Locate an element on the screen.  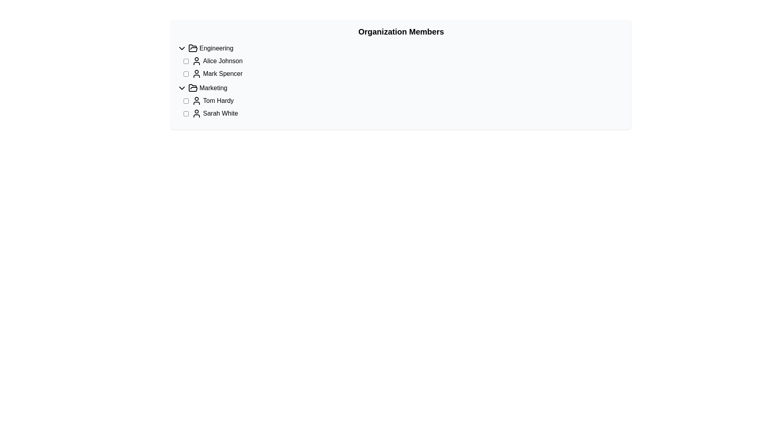
the user icon representing 'Mark Spencer', which is positioned between the checkbox and the user's name is located at coordinates (196, 73).